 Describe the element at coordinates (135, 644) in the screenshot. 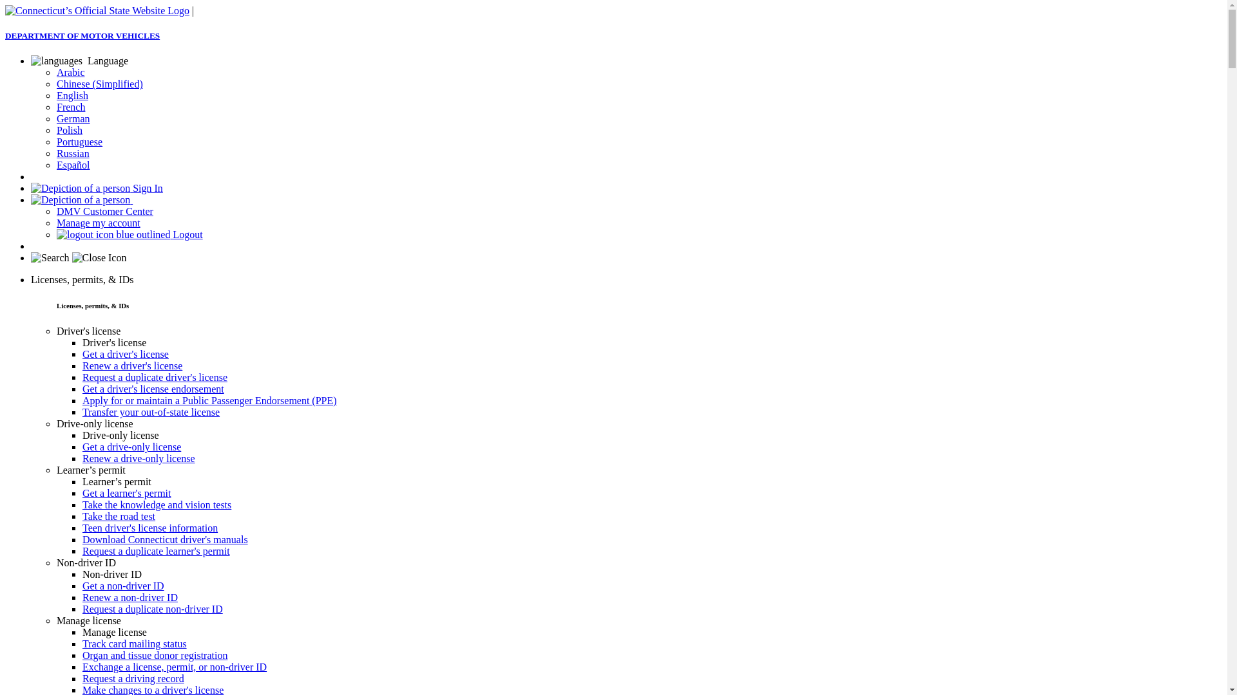

I see `'Track card mailing status'` at that location.